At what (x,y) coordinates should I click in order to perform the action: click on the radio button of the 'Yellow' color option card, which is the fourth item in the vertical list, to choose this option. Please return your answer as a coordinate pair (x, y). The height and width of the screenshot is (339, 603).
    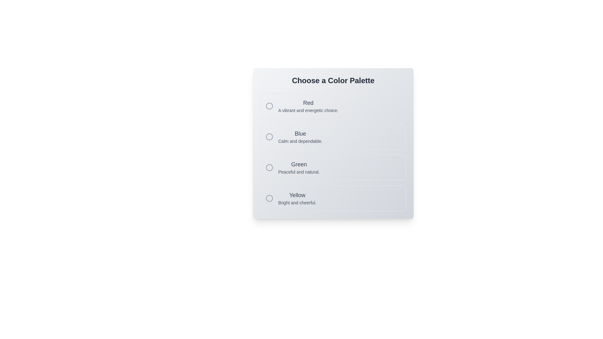
    Looking at the image, I should click on (333, 198).